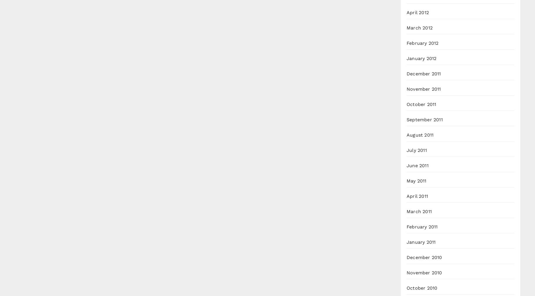 The width and height of the screenshot is (535, 296). Describe the element at coordinates (424, 120) in the screenshot. I see `'September 2011'` at that location.